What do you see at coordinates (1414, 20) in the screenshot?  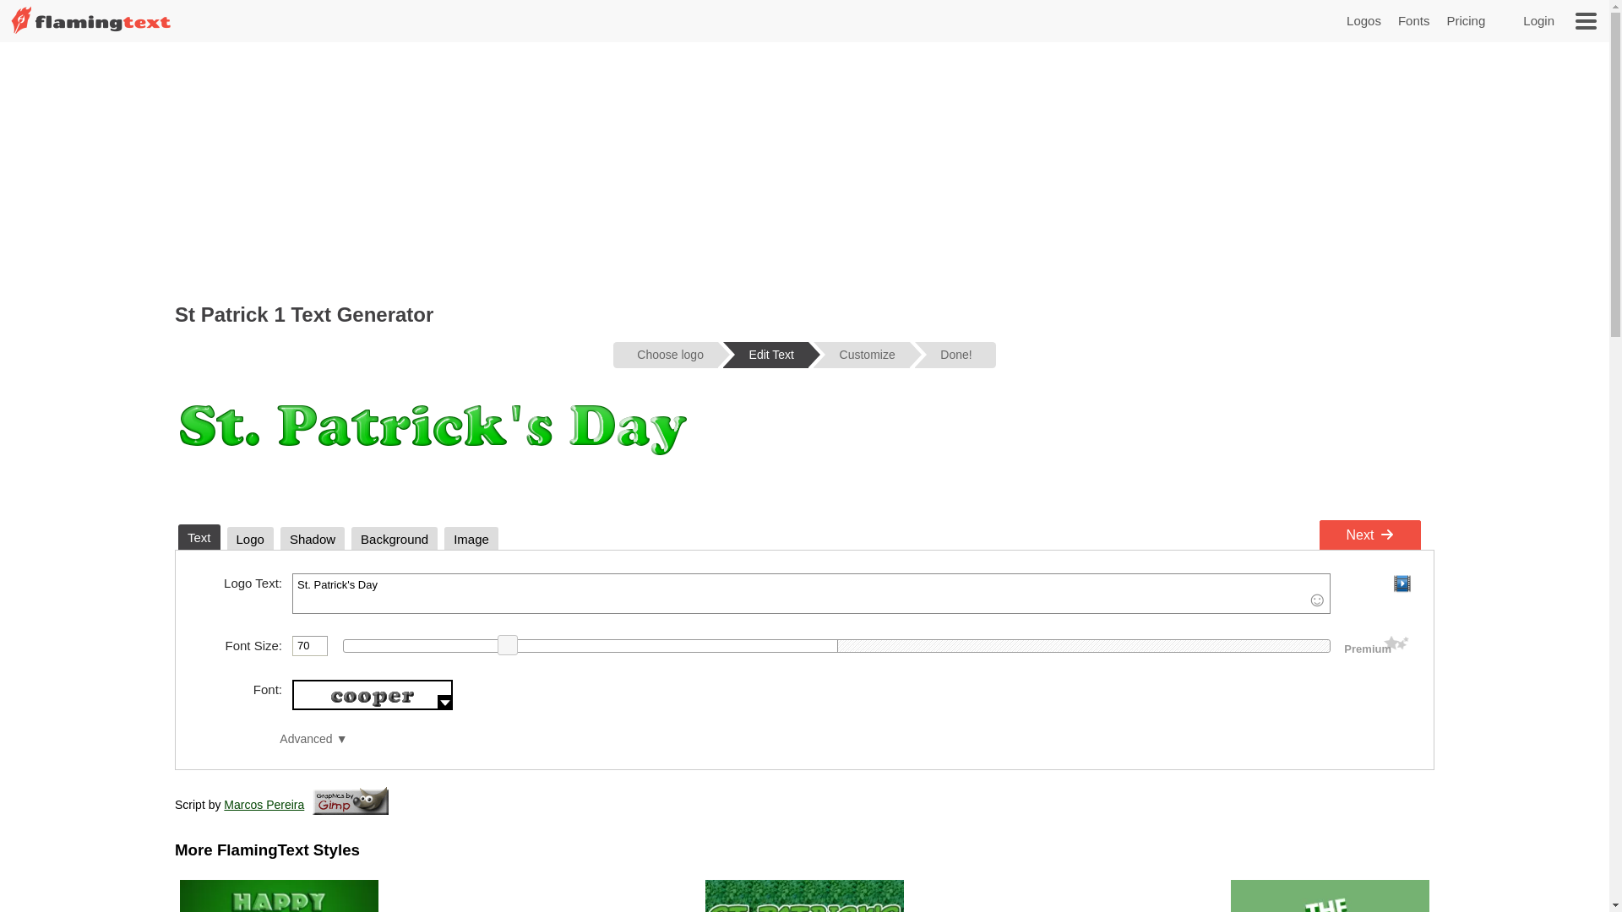 I see `'Fonts'` at bounding box center [1414, 20].